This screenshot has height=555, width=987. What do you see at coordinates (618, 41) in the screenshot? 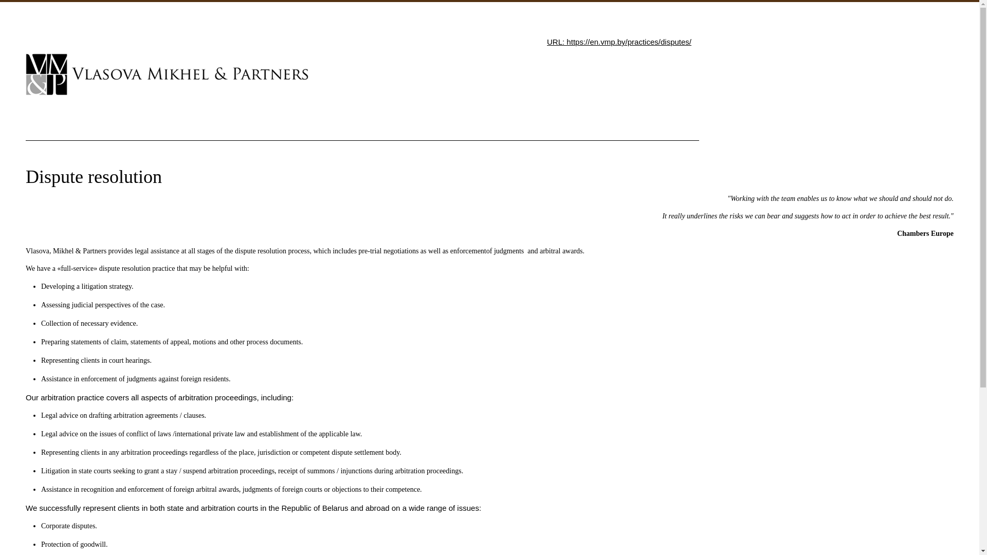
I see `'URL: https://en.vmp.by/practices/disputes/'` at bounding box center [618, 41].